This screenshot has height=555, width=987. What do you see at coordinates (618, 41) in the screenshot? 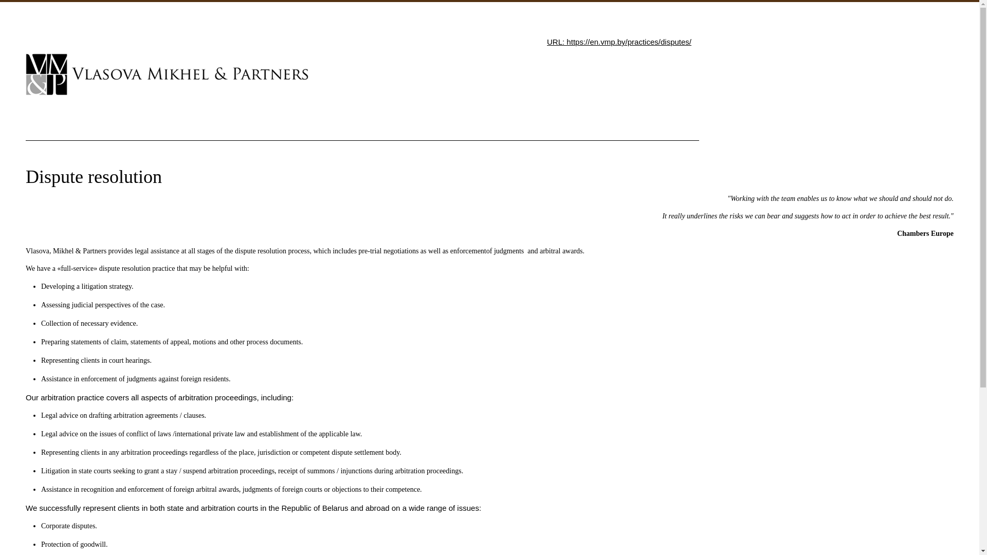
I see `'URL: https://en.vmp.by/practices/disputes/'` at bounding box center [618, 41].